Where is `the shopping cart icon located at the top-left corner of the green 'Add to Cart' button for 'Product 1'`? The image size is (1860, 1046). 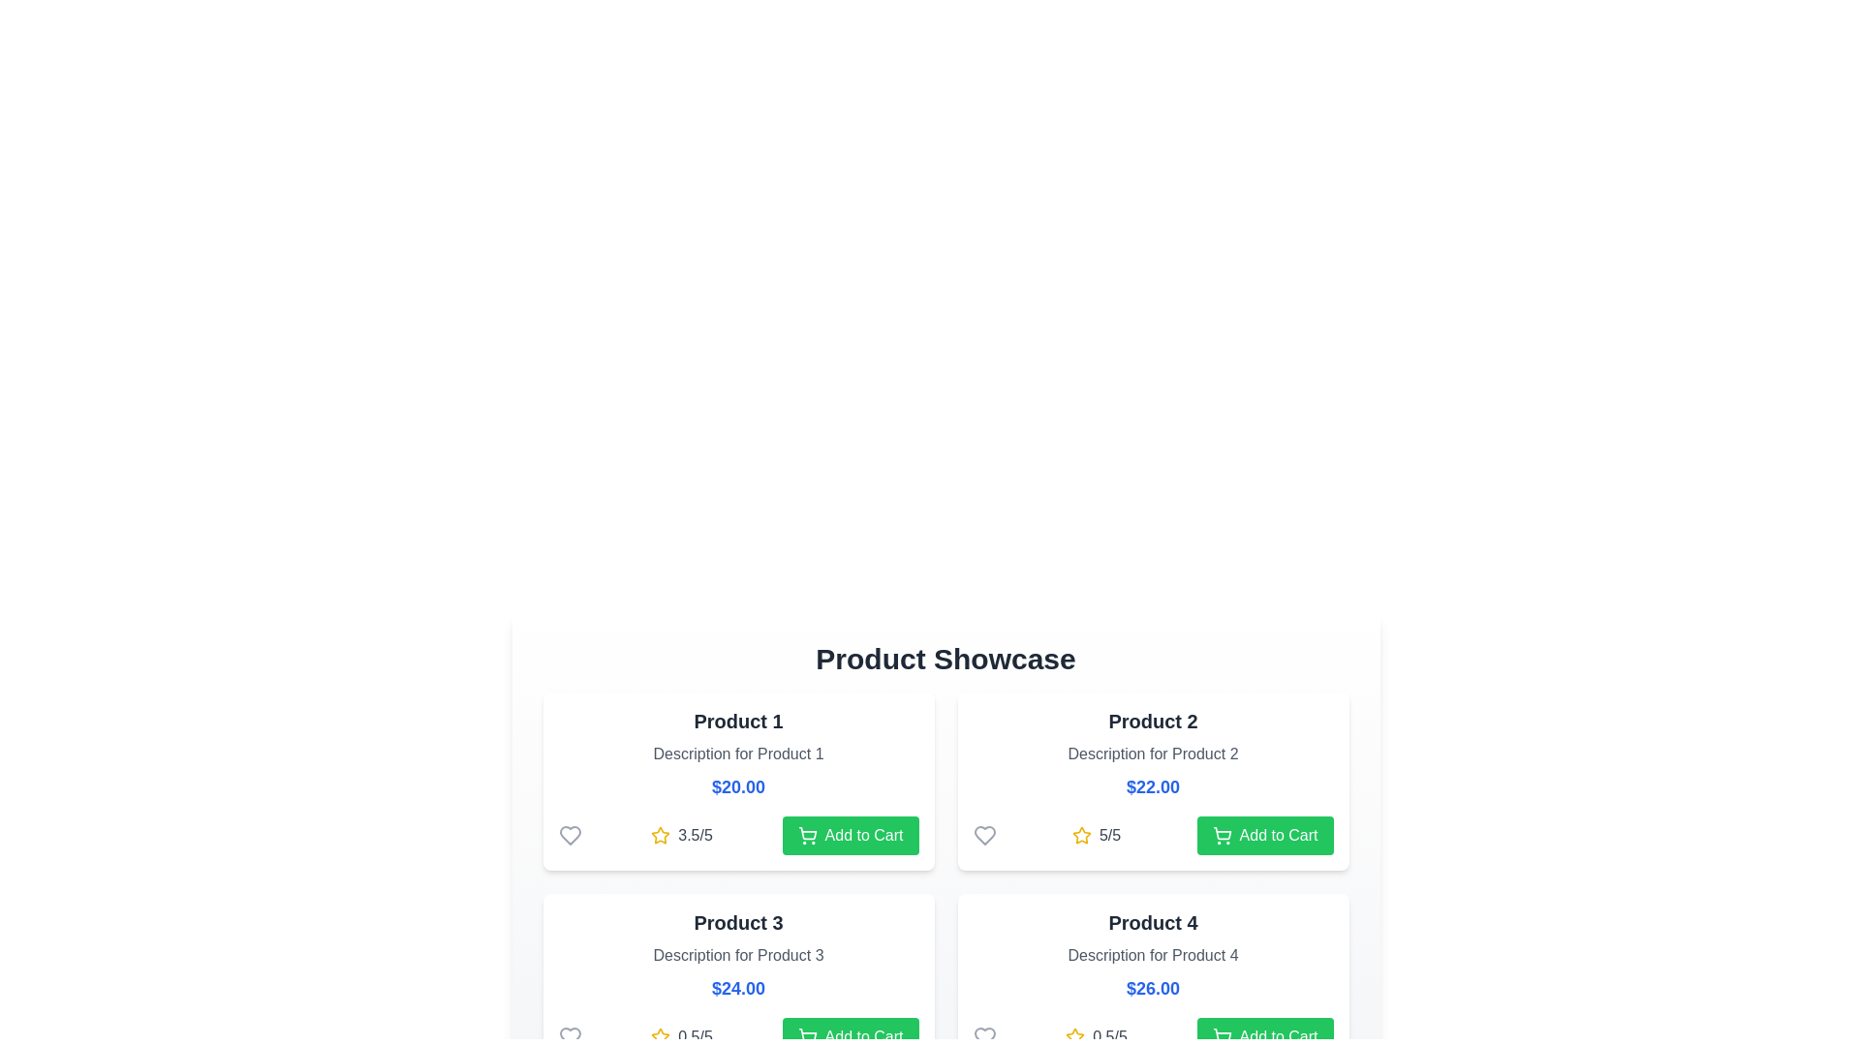 the shopping cart icon located at the top-left corner of the green 'Add to Cart' button for 'Product 1' is located at coordinates (807, 835).